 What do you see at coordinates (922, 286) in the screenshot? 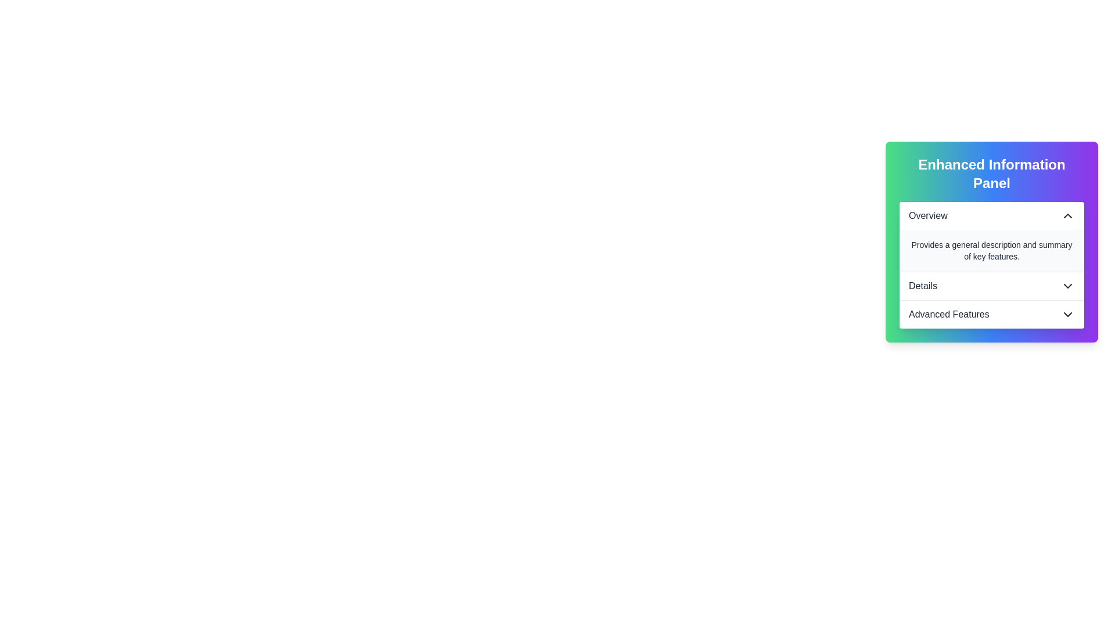
I see `'Details' label located in the second section of the vertical list layout inside the 'Enhanced Information Panel', positioned horizontally centered between the 'Overview' and 'Advanced Features' sections` at bounding box center [922, 286].